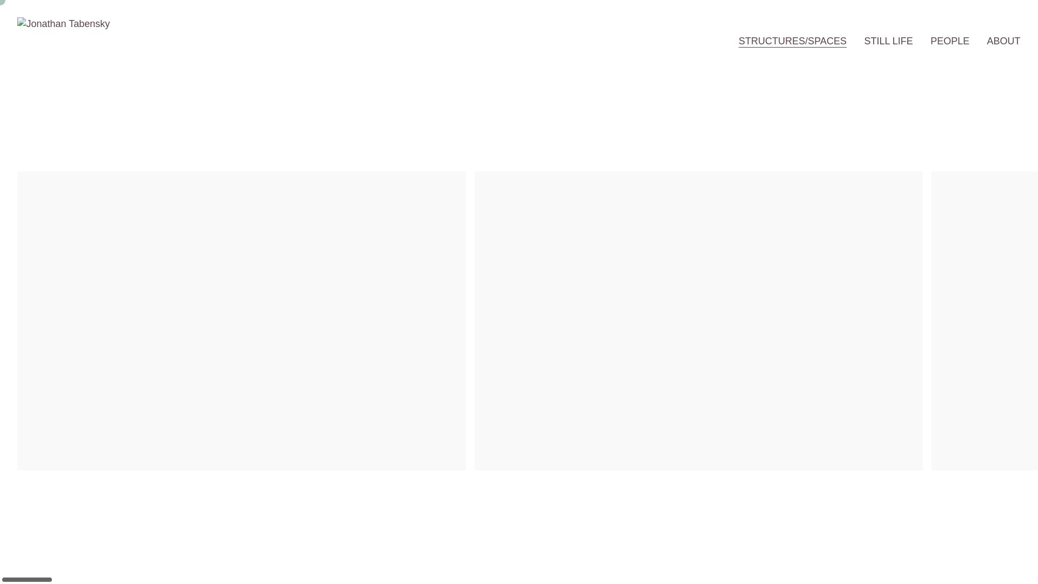 The height and width of the screenshot is (584, 1038). Describe the element at coordinates (987, 41) in the screenshot. I see `'ABOUT'` at that location.